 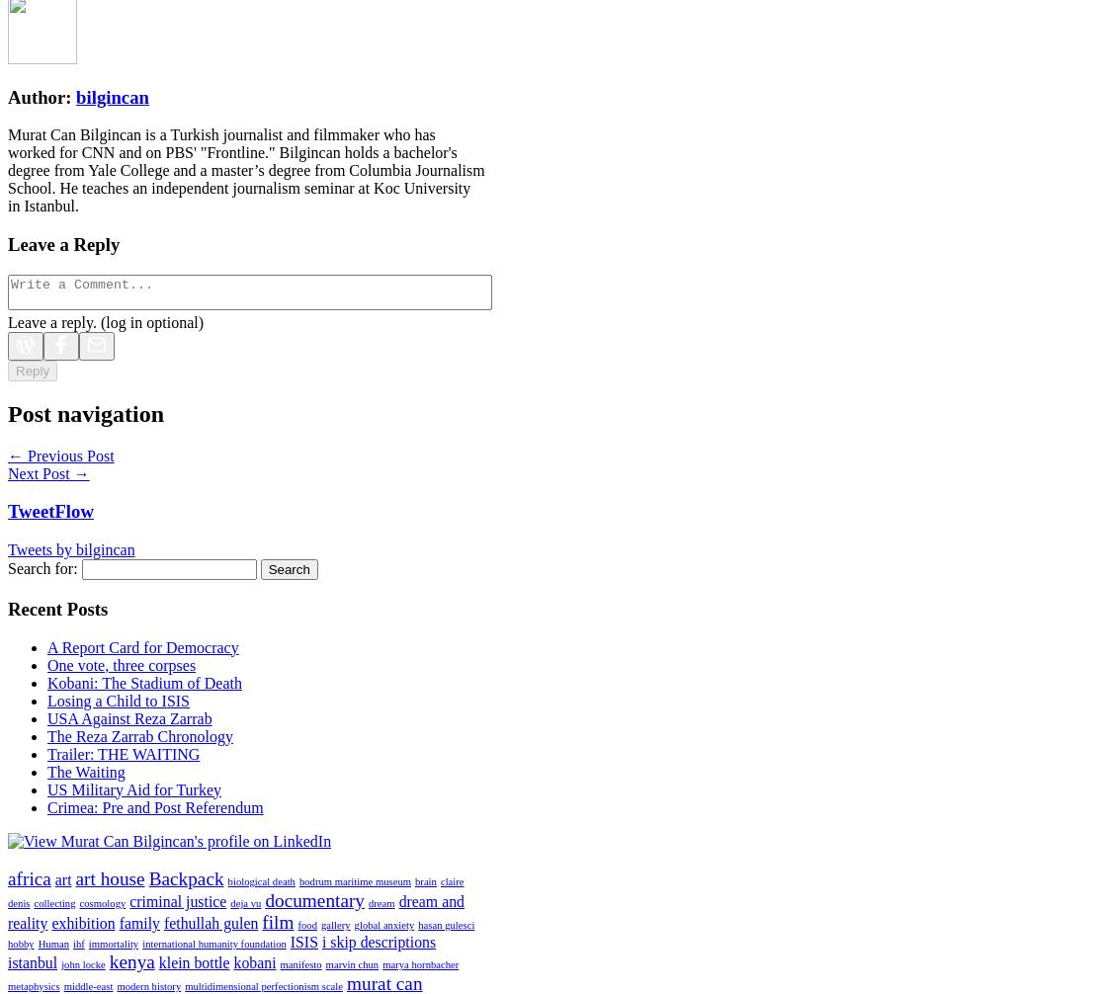 What do you see at coordinates (177, 900) in the screenshot?
I see `'criminal justice'` at bounding box center [177, 900].